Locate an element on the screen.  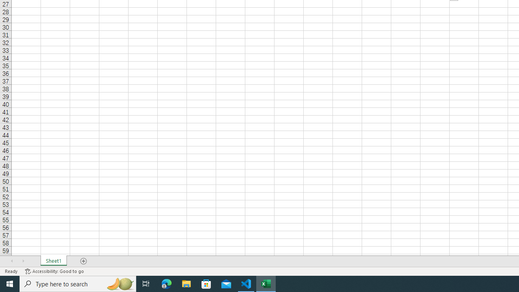
'Scroll Right' is located at coordinates (23, 261).